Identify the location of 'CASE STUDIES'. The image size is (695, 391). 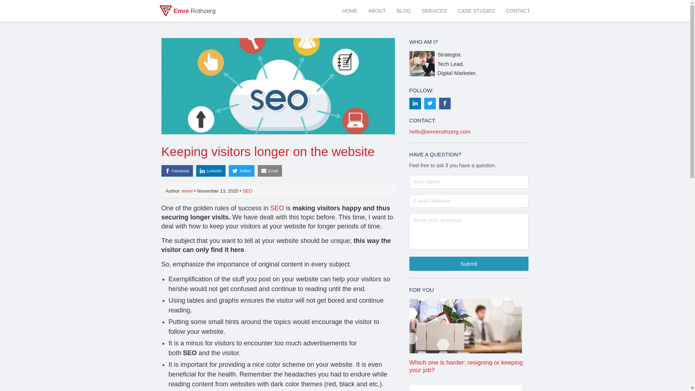
(476, 11).